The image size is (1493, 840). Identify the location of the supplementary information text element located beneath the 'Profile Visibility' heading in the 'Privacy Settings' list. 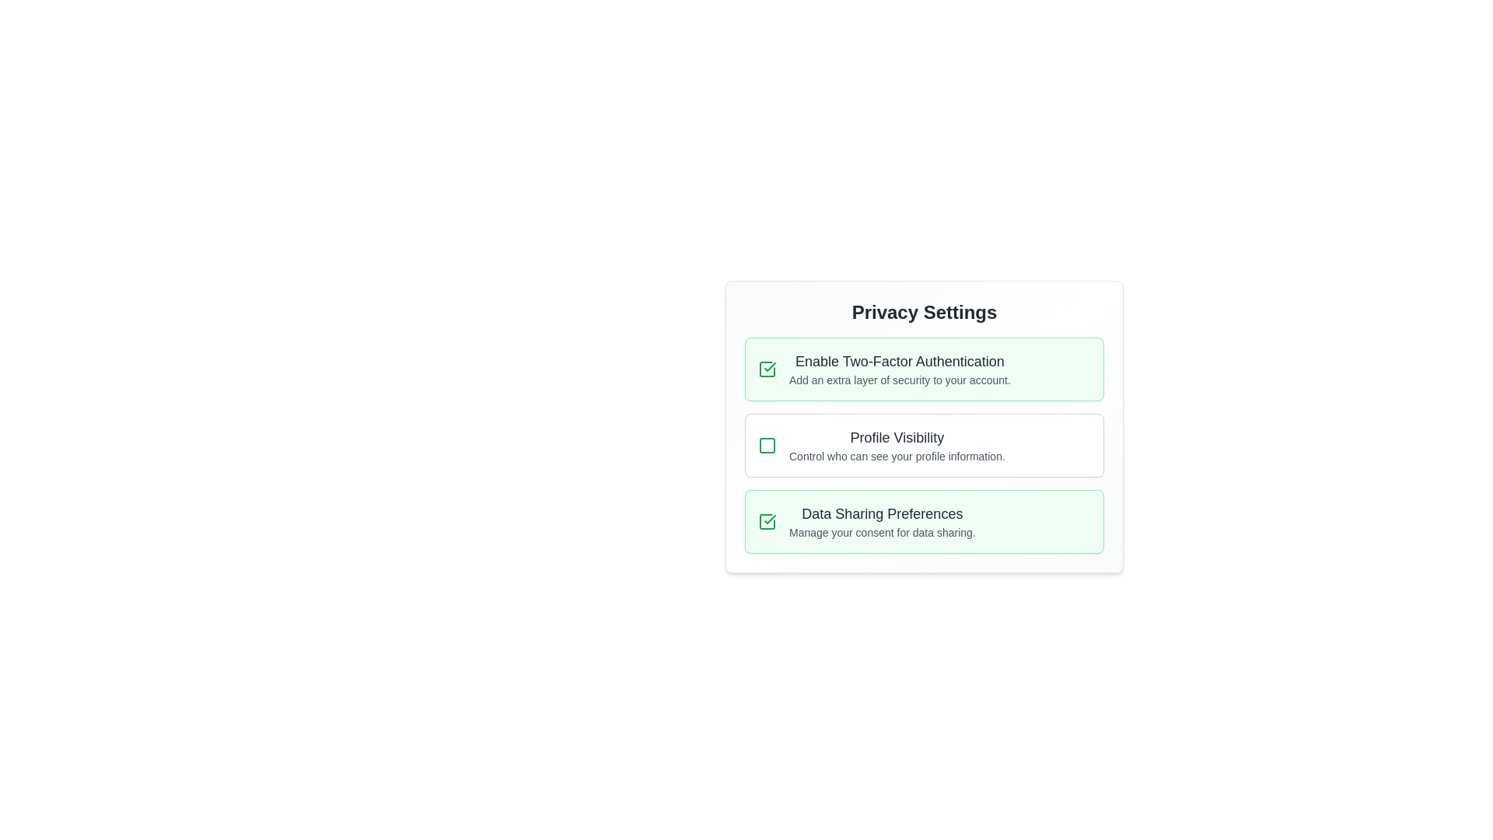
(897, 455).